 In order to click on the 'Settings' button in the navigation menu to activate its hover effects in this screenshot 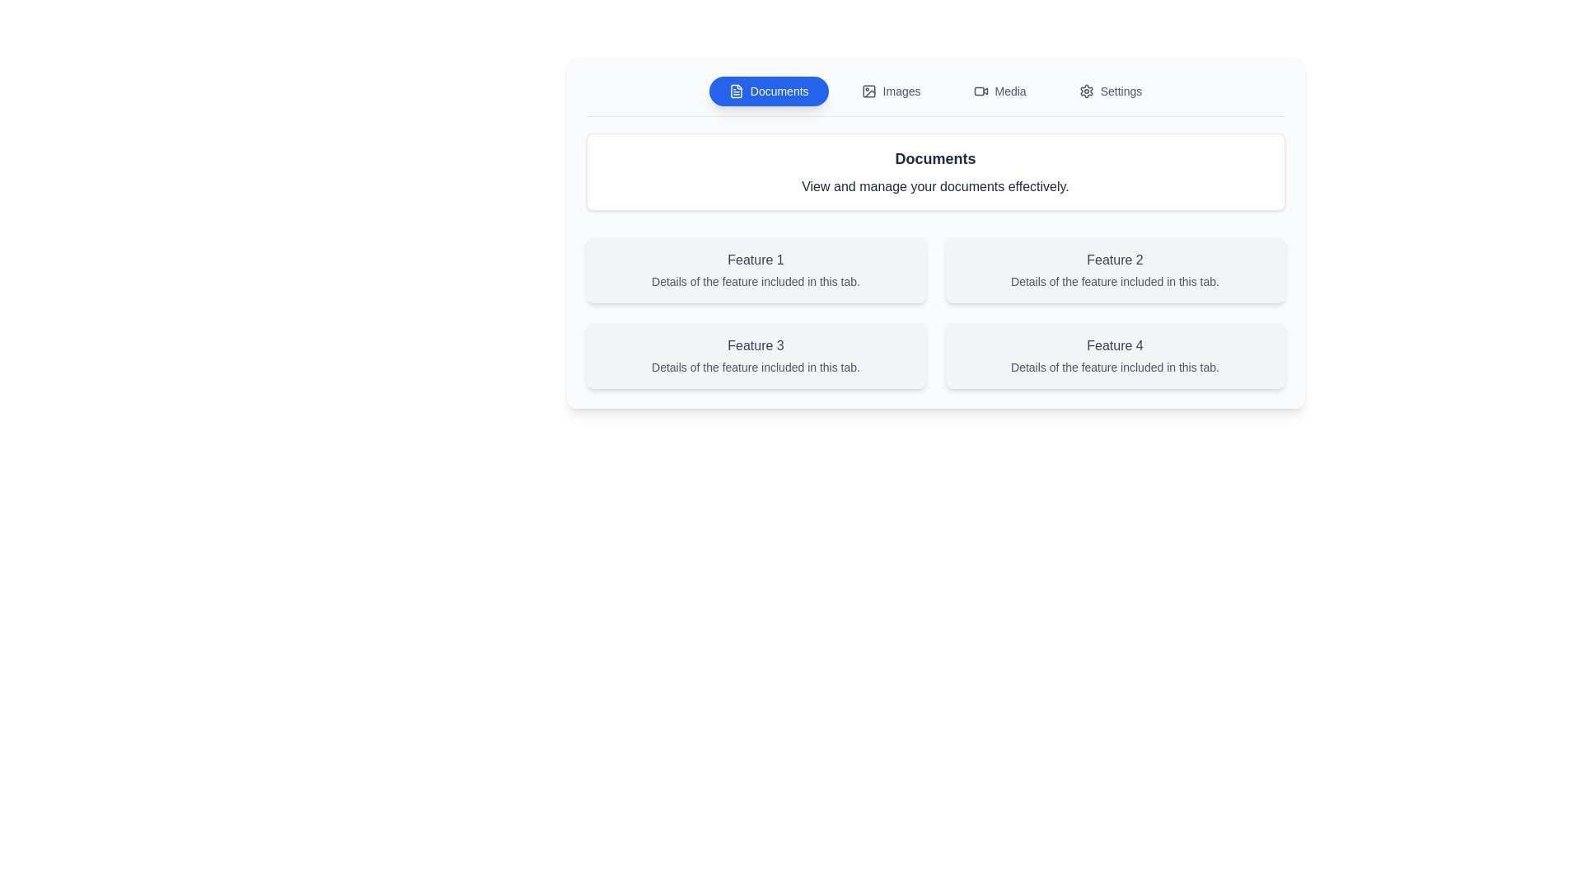, I will do `click(1111, 91)`.